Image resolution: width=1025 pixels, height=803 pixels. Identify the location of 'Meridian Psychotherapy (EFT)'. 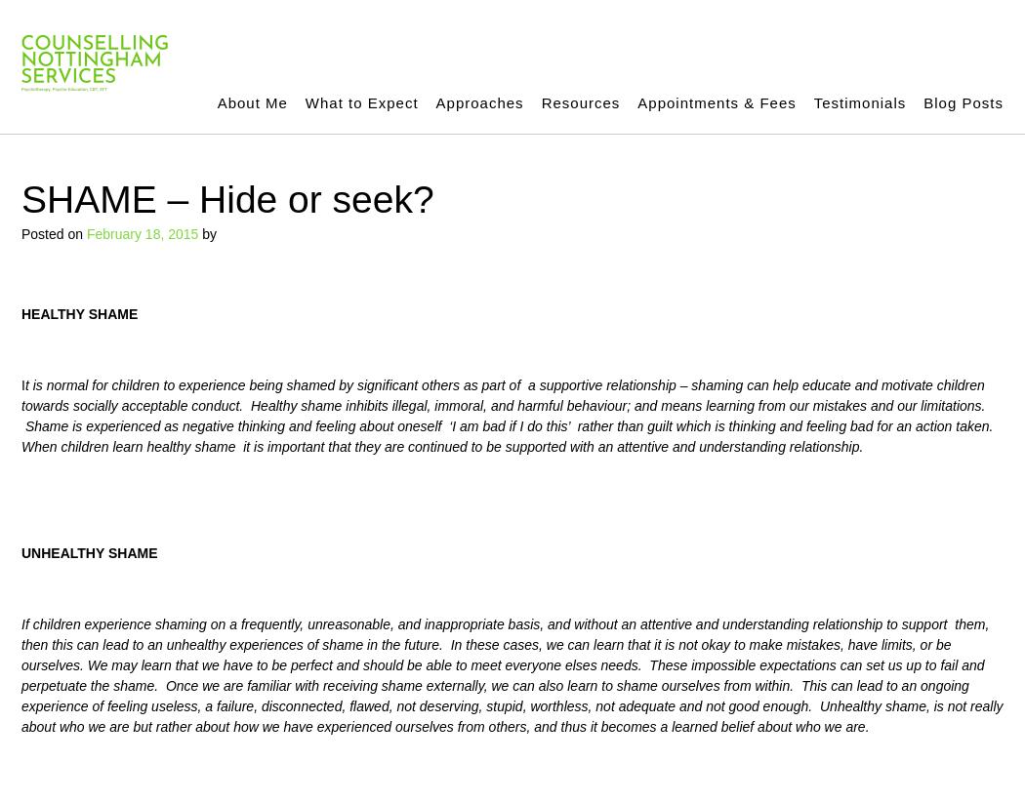
(470, 200).